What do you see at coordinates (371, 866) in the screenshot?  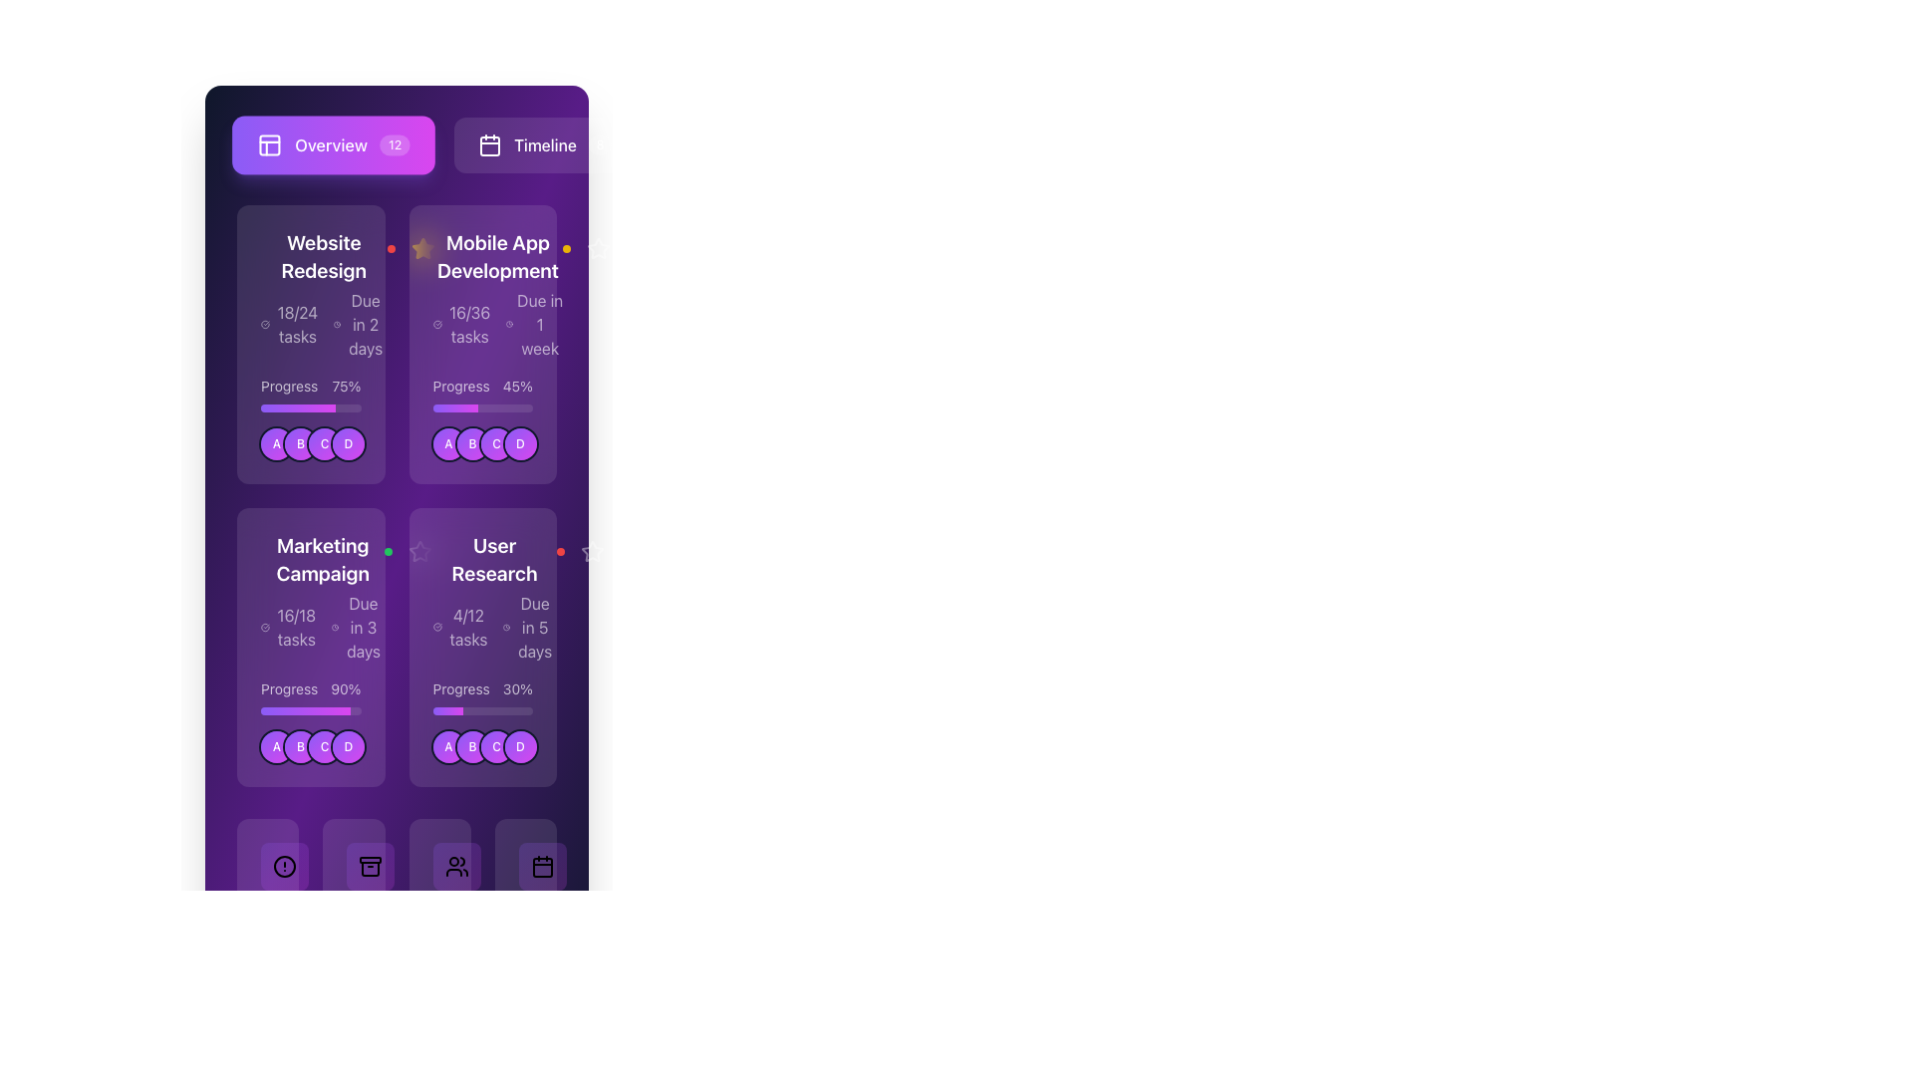 I see `the compact archive box icon located in the bottom navigation bar` at bounding box center [371, 866].